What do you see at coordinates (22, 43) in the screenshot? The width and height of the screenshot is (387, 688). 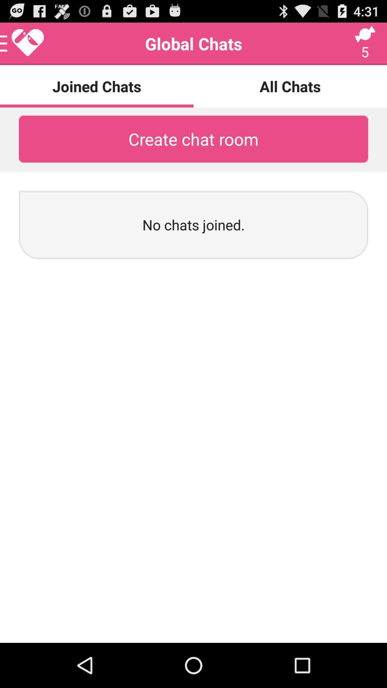 I see `chat list` at bounding box center [22, 43].